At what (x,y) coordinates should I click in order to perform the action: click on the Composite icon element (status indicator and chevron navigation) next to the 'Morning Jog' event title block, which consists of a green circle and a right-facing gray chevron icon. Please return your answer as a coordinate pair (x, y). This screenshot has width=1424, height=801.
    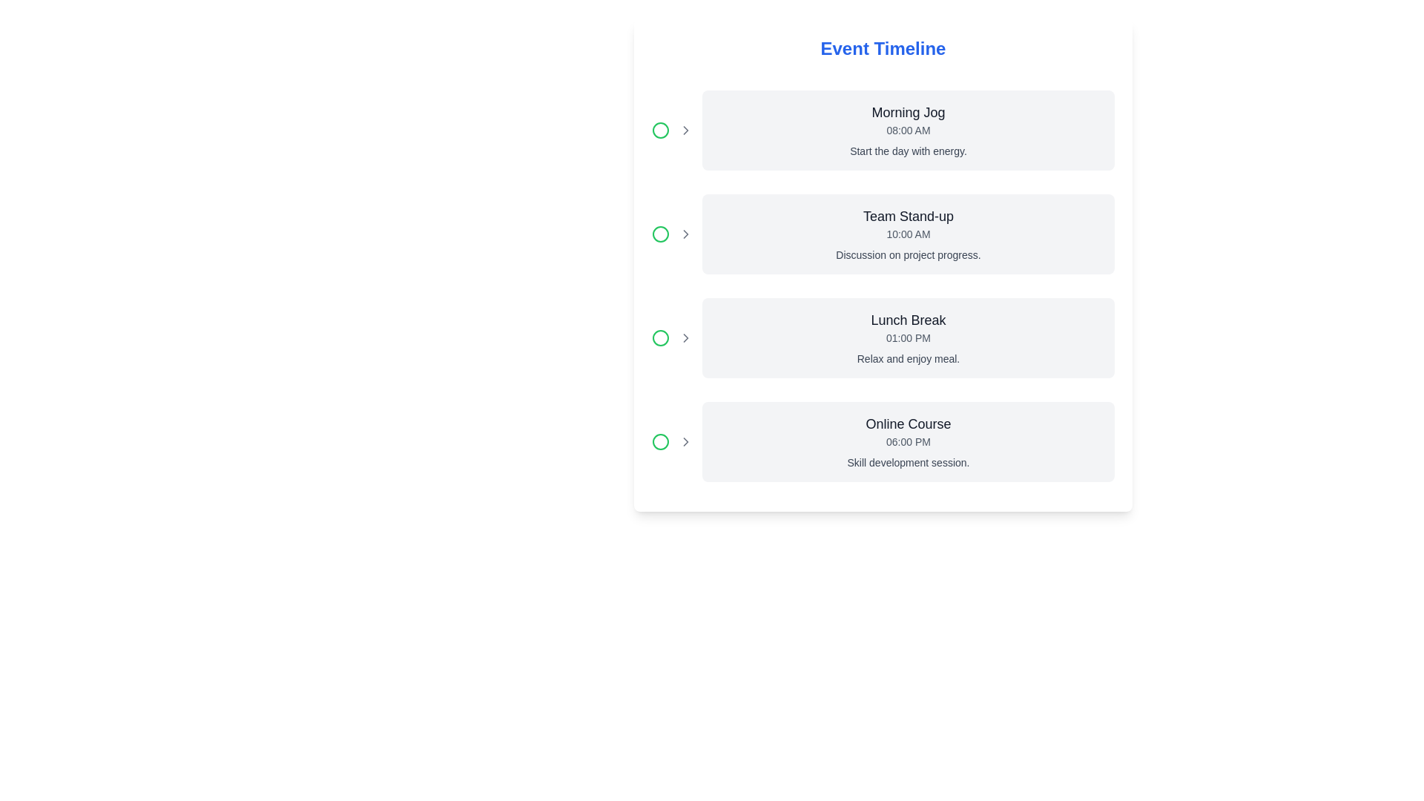
    Looking at the image, I should click on (676, 130).